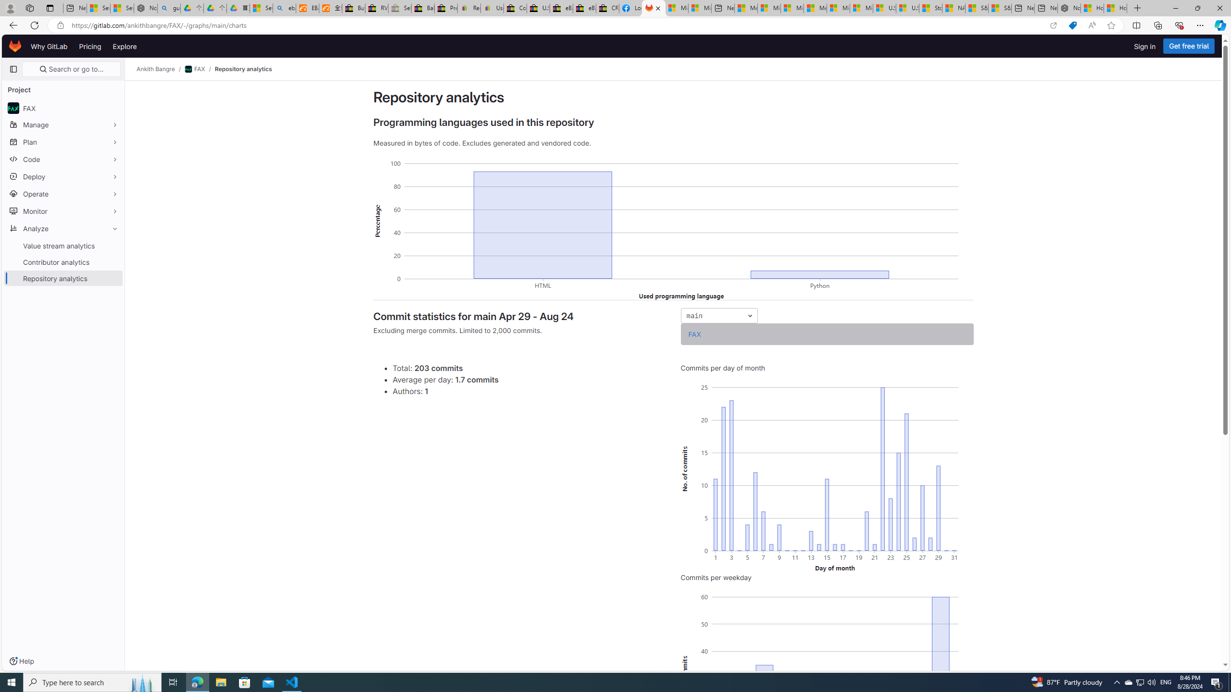  Describe the element at coordinates (446, 8) in the screenshot. I see `'Press Room - eBay Inc.'` at that location.